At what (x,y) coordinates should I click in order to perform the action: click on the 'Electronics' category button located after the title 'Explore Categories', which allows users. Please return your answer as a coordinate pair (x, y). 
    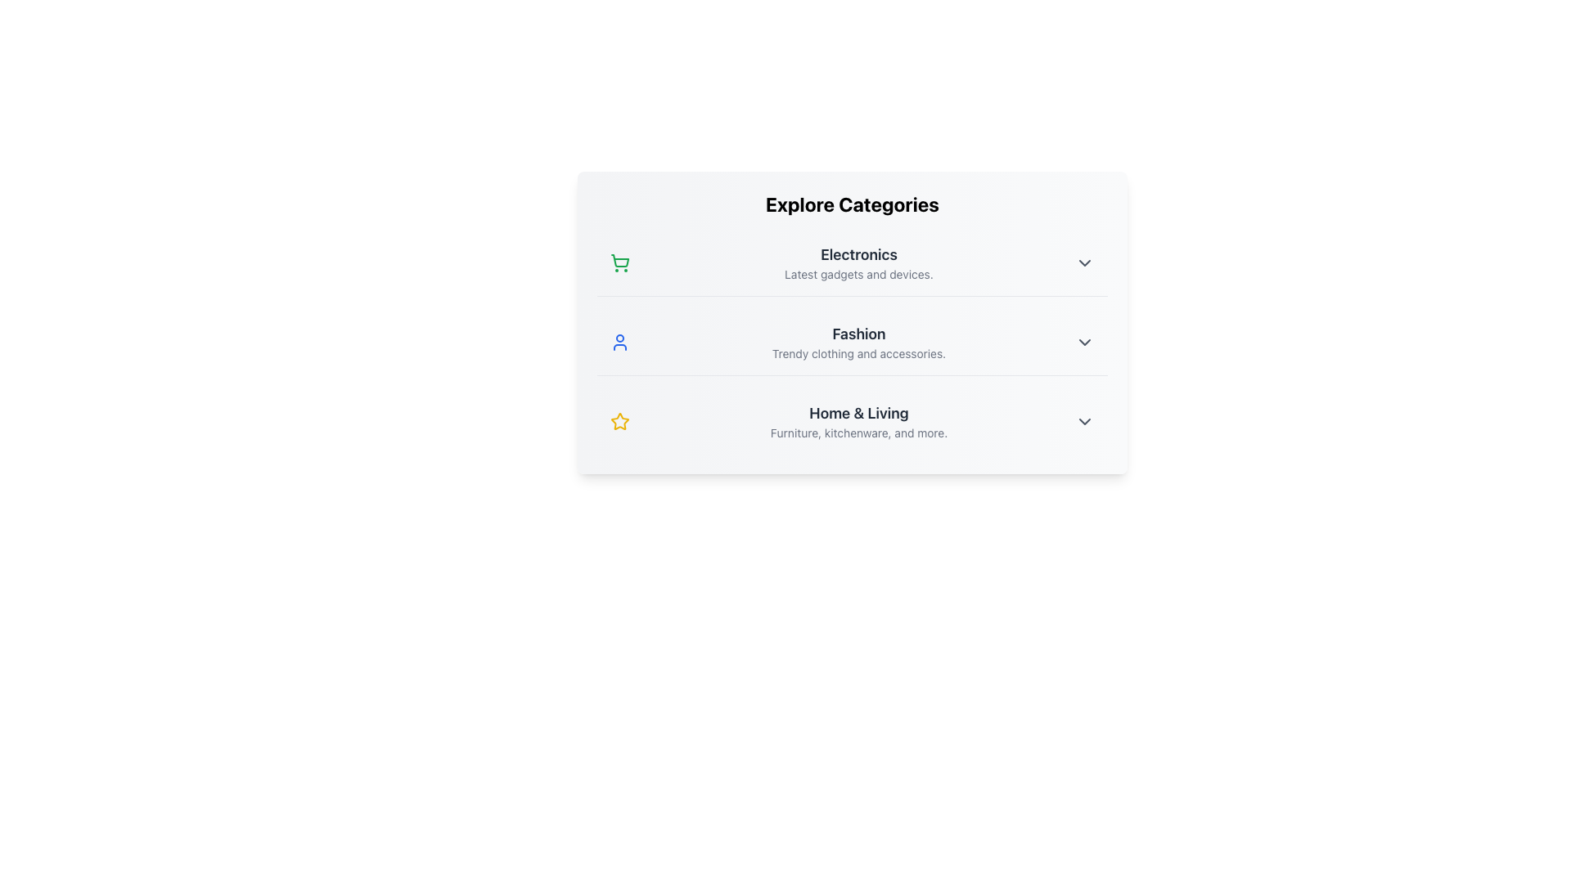
    Looking at the image, I should click on (851, 262).